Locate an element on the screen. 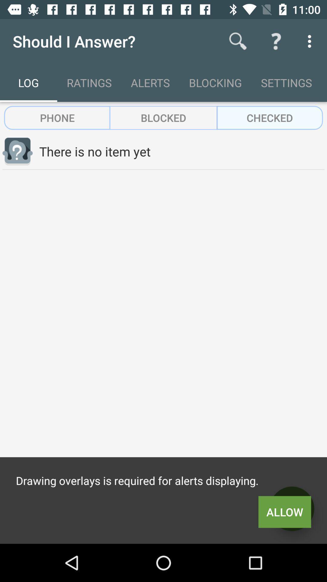 This screenshot has width=327, height=582. the text phone is located at coordinates (57, 118).